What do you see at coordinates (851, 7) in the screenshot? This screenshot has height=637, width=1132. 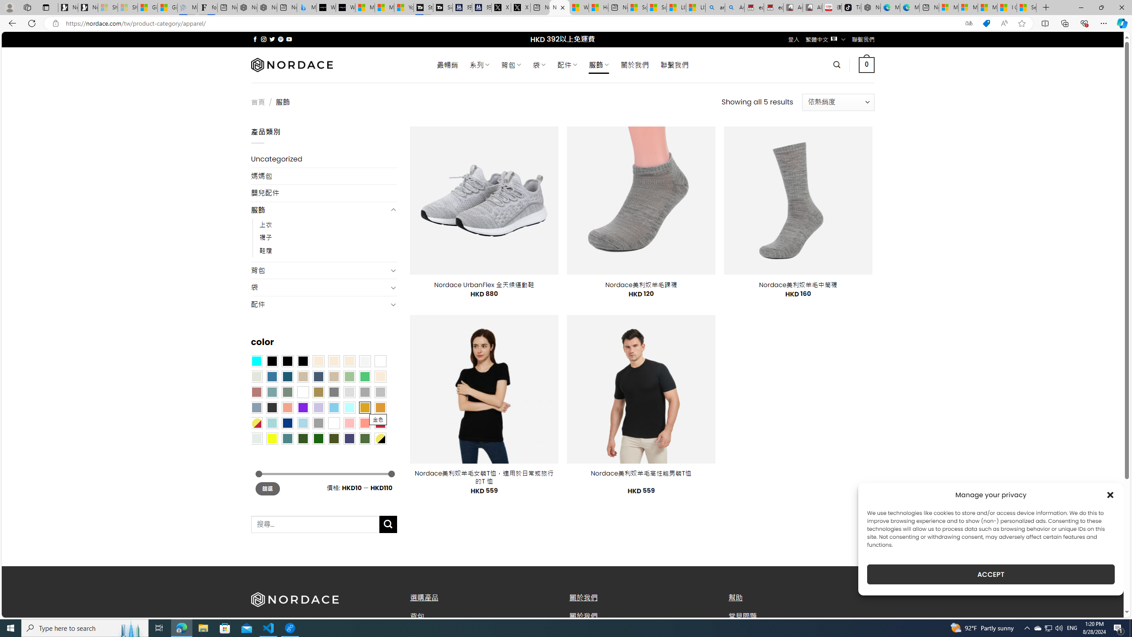 I see `'TikTok'` at bounding box center [851, 7].